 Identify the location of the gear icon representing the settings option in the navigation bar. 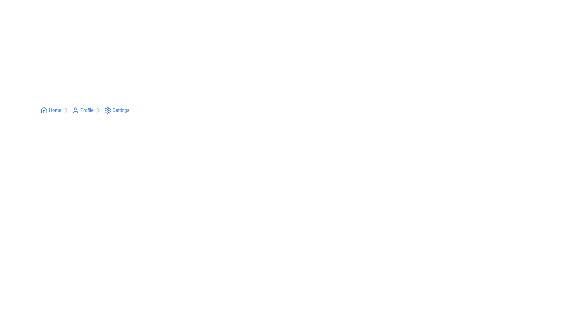
(108, 110).